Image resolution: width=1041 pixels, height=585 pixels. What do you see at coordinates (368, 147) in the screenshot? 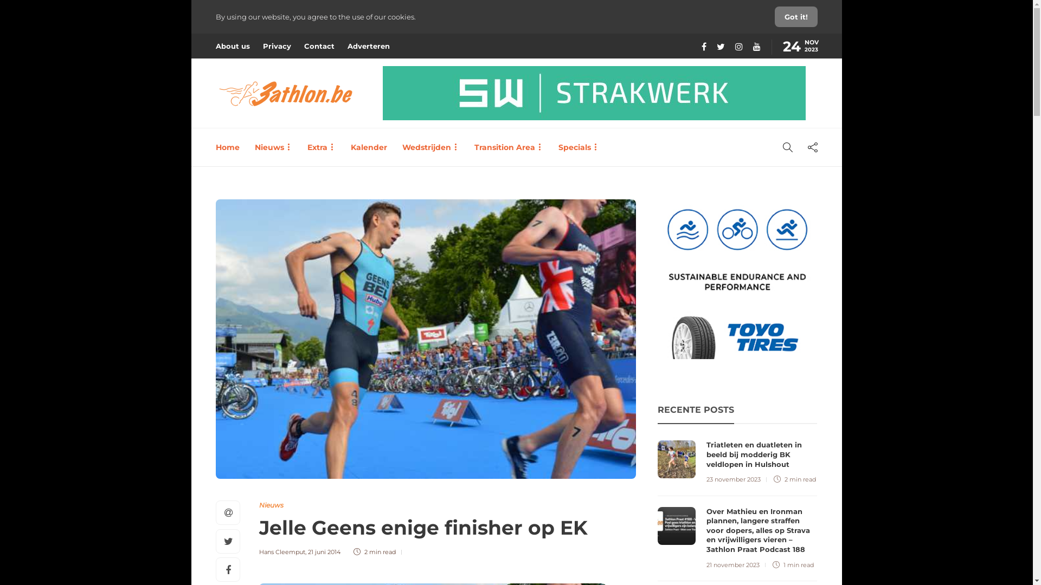
I see `'Kalender'` at bounding box center [368, 147].